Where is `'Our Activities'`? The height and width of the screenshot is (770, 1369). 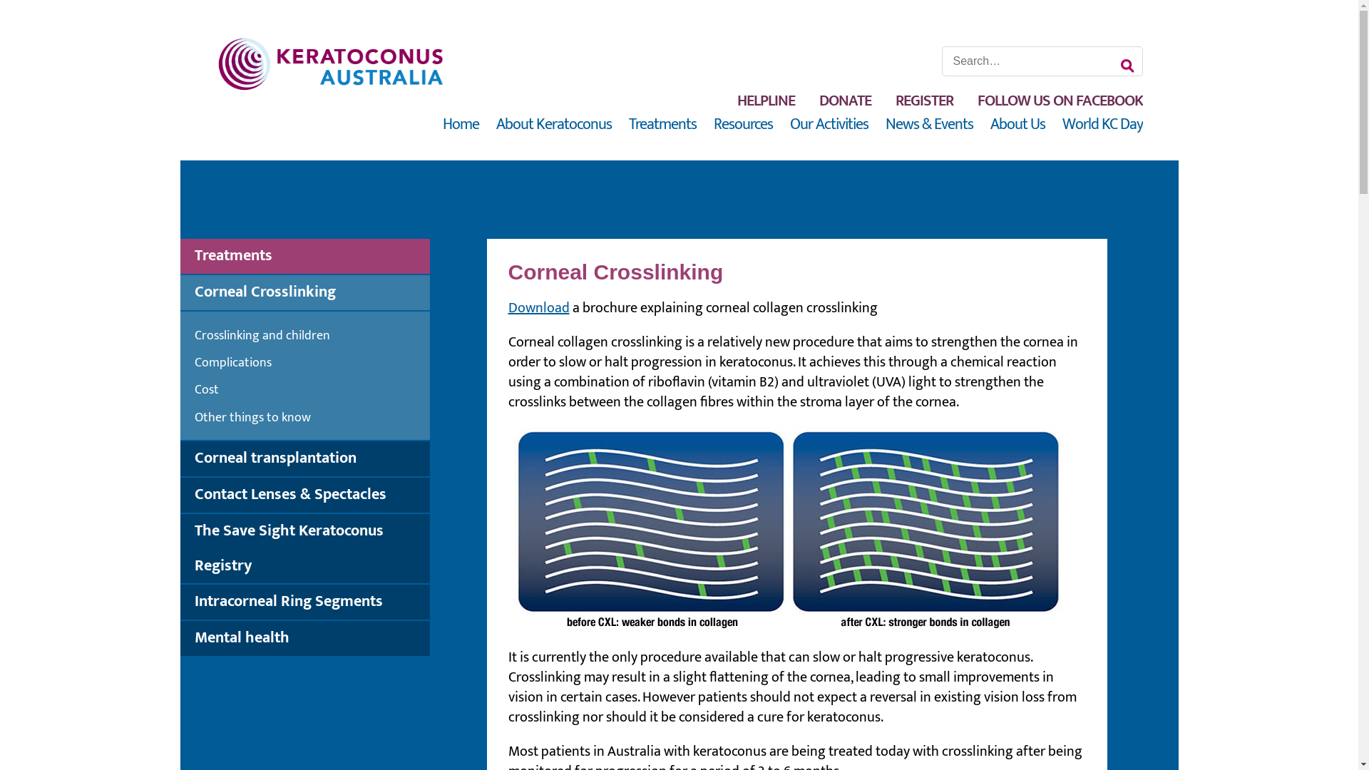 'Our Activities' is located at coordinates (829, 123).